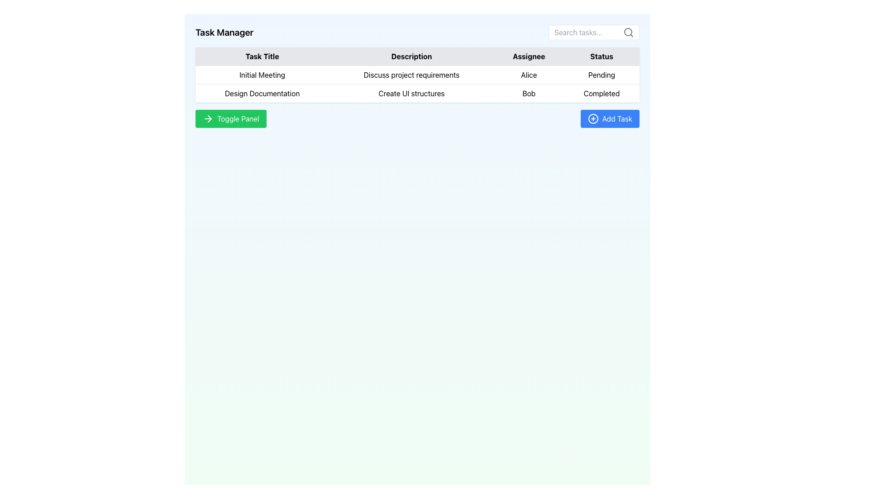 The height and width of the screenshot is (488, 869). I want to click on the 'Toggle Panel' button which is a rectangular button with a green background and white text, located in the bottom-left section of the interface, under the data table, so click(231, 118).